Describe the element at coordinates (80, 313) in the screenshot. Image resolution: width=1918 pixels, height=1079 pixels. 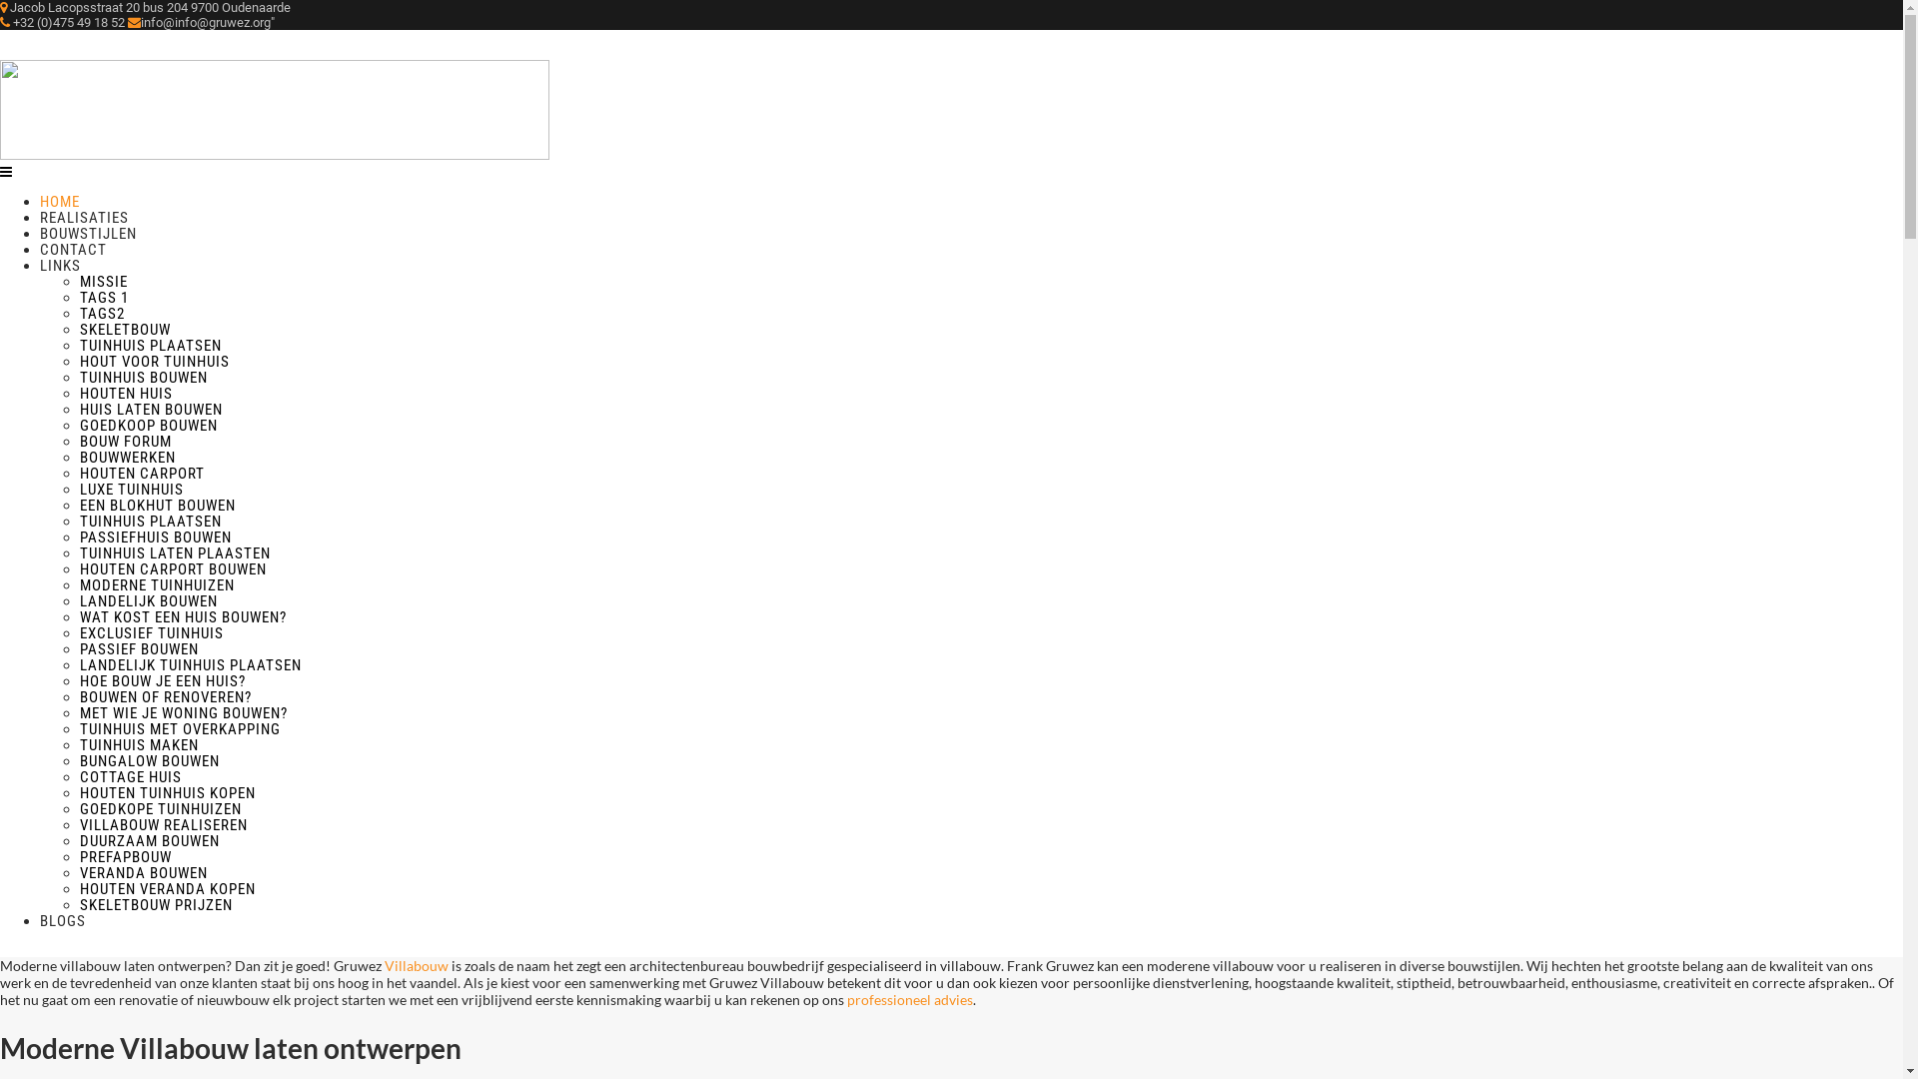
I see `'TAGS2'` at that location.